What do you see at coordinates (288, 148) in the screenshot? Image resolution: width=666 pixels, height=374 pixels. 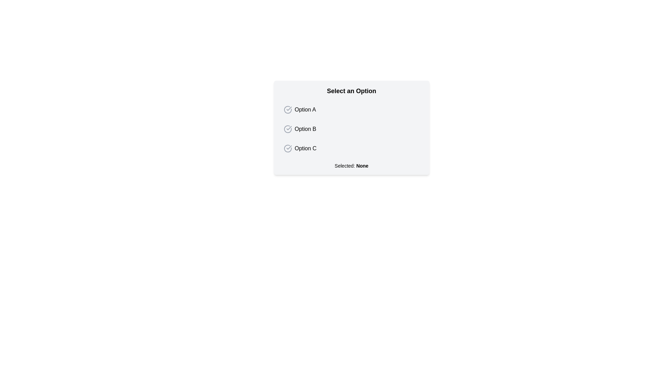 I see `the radio button indicator for 'Option C', which is the circular icon located to the left of the text label 'Option C'` at bounding box center [288, 148].